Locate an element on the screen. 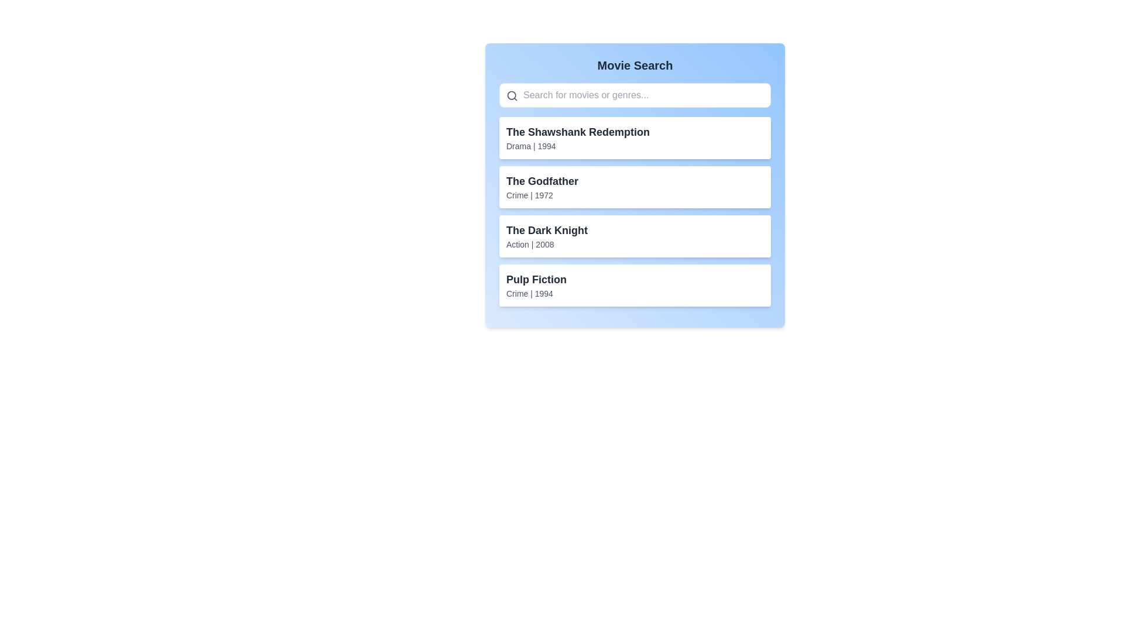 The image size is (1124, 632). the movie card for 'The Godfather' is located at coordinates (634, 187).